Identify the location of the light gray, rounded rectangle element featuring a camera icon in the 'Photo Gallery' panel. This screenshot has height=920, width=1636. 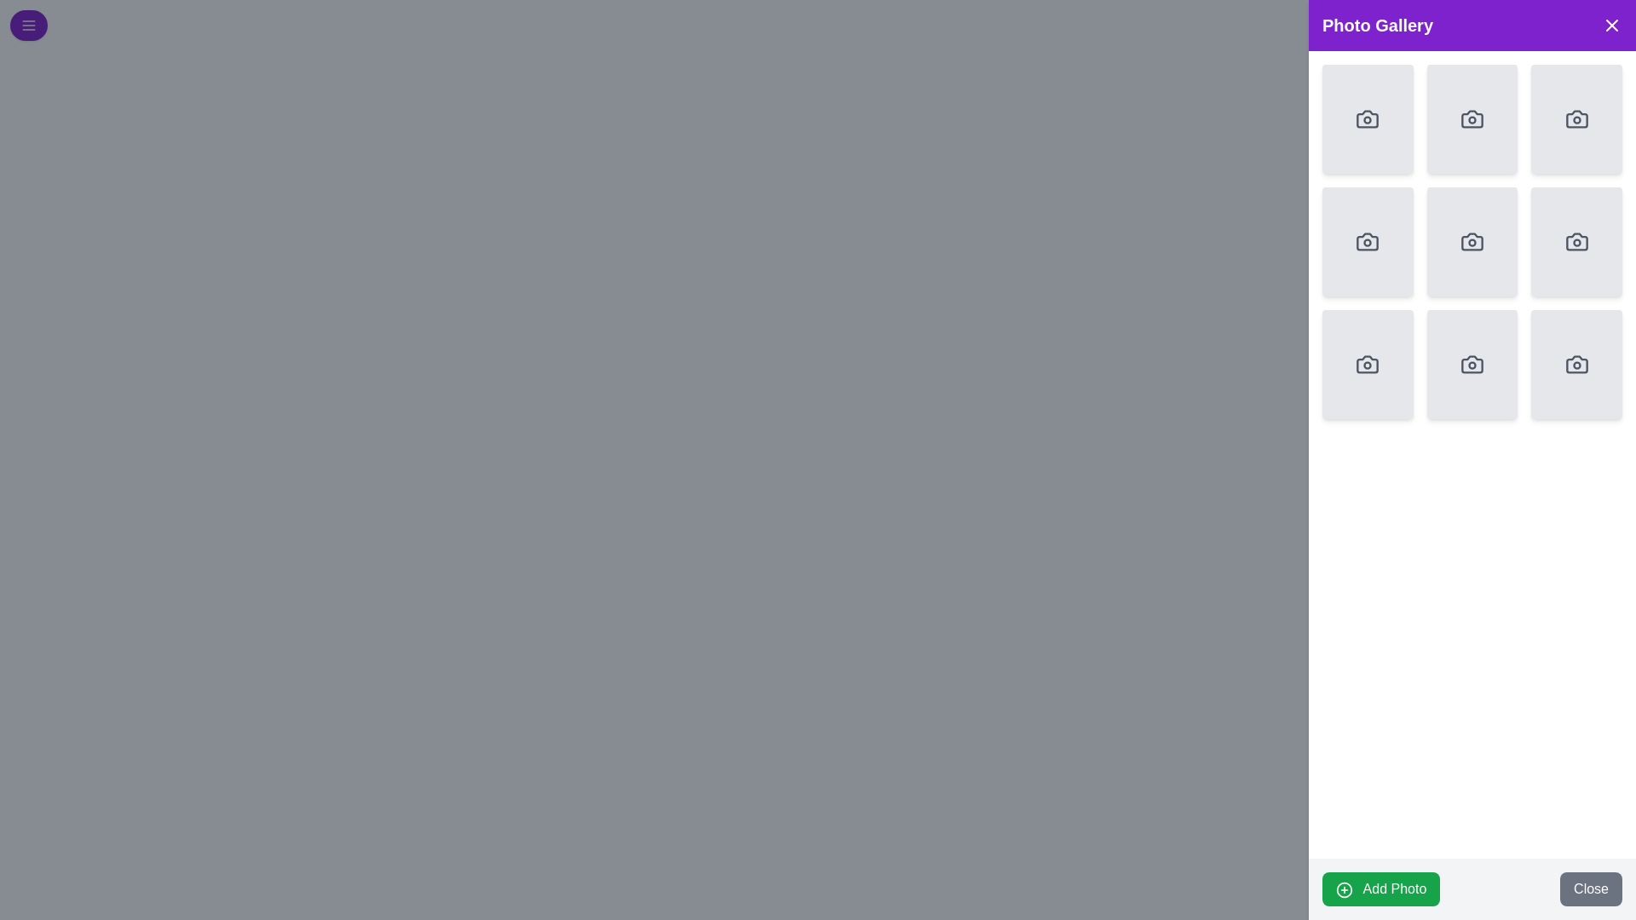
(1576, 118).